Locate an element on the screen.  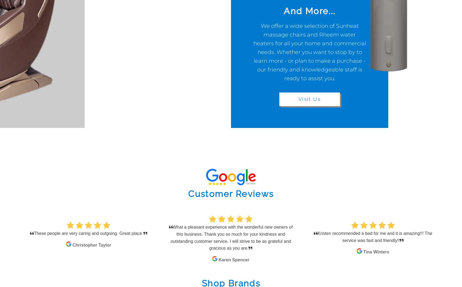
'Christopher Taylor' is located at coordinates (91, 245).